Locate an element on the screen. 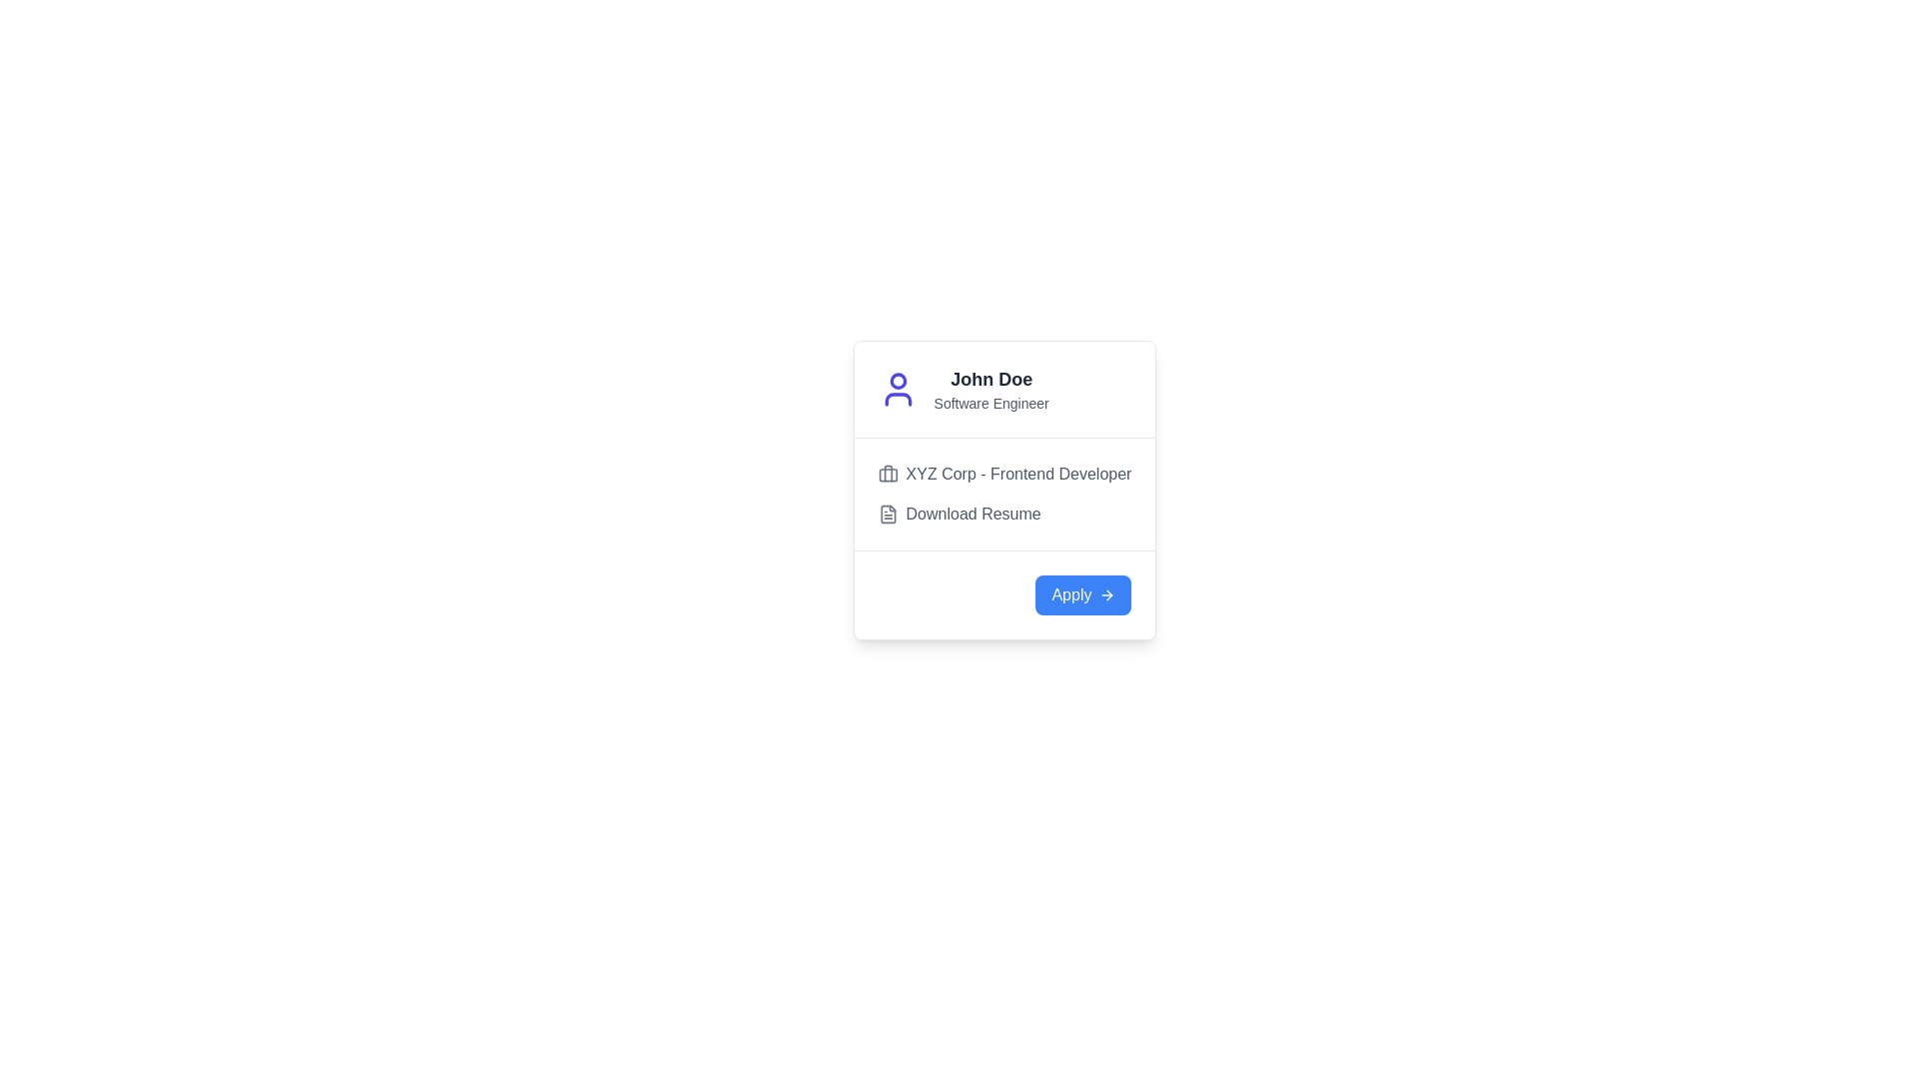 The image size is (1919, 1079). the clickable text with an icon located beneath the title 'XYZ Corp - Frontend Developer' to download the resume is located at coordinates (1004, 514).